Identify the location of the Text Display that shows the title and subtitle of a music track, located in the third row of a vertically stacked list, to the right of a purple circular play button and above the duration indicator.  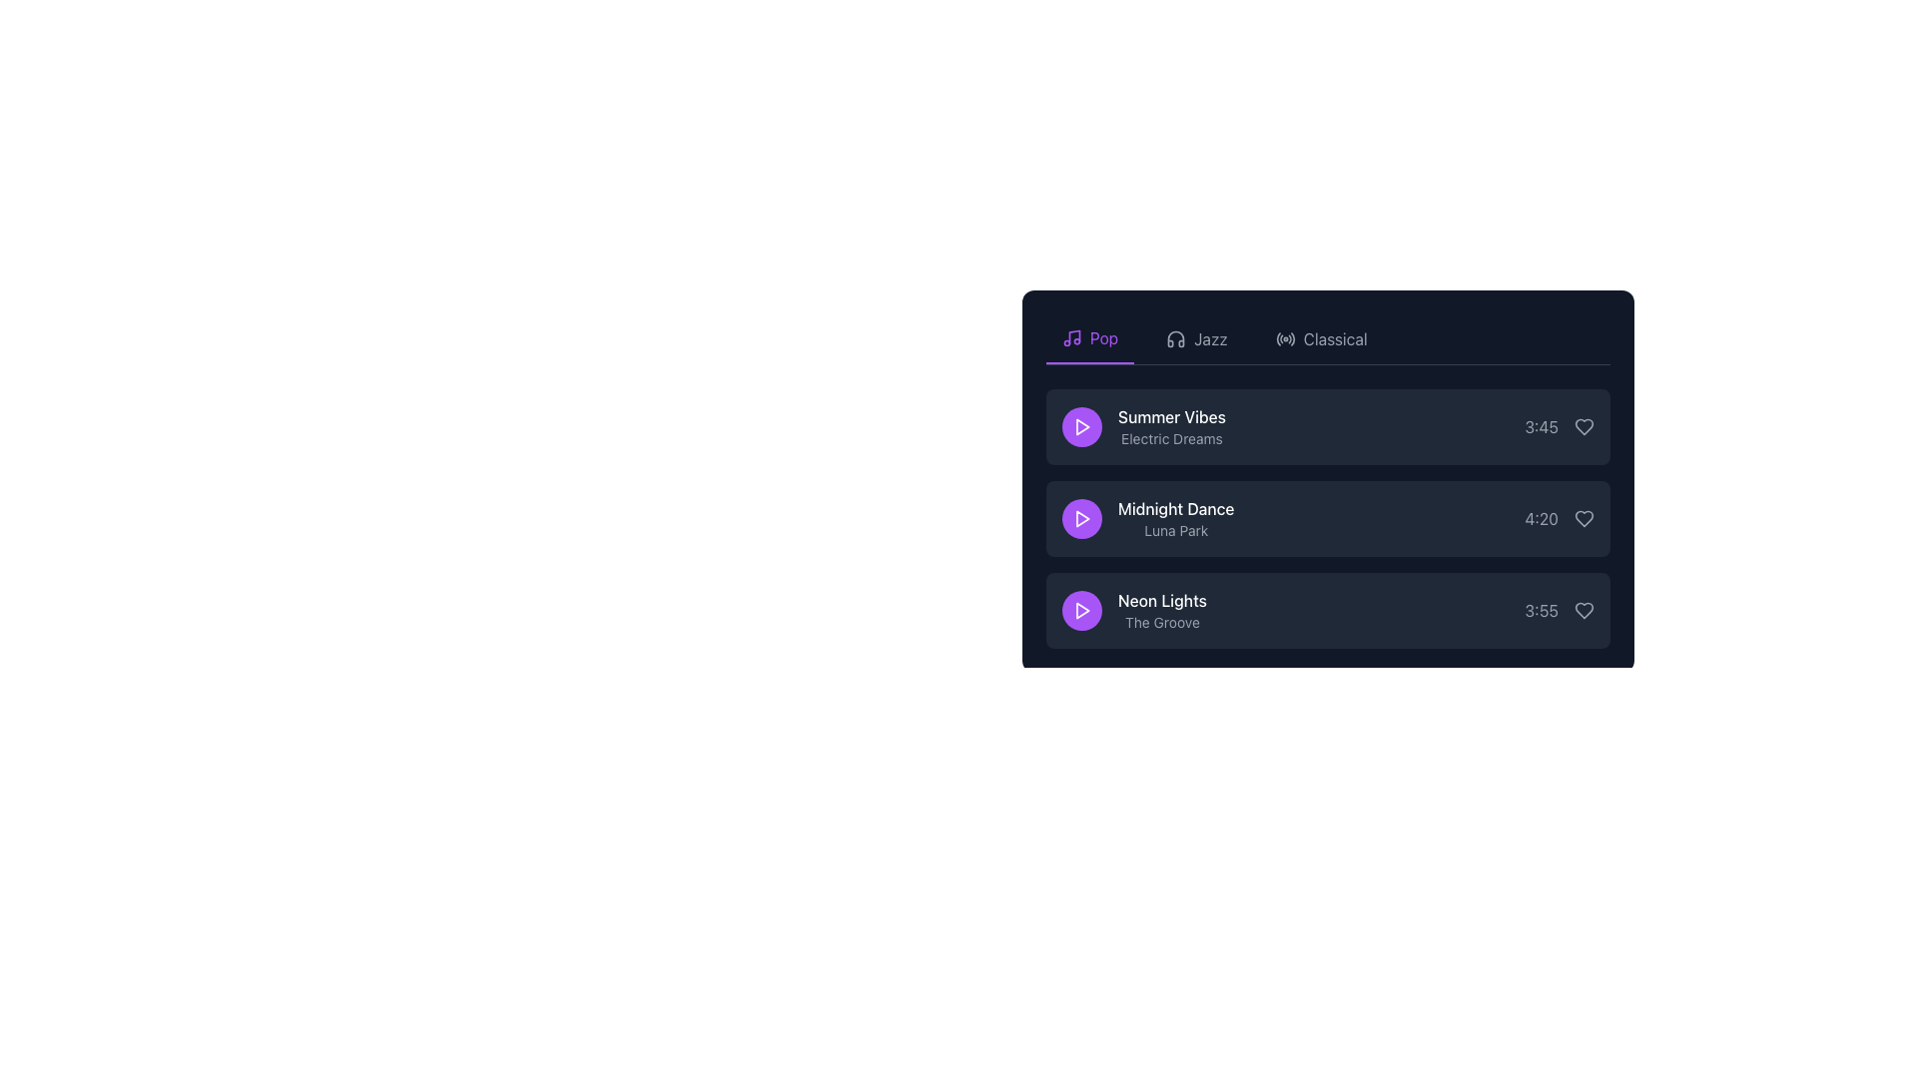
(1134, 610).